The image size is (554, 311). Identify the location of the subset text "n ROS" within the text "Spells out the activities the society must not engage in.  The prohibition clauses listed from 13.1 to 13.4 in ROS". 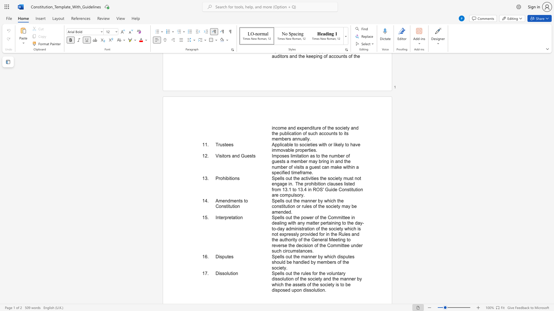
(308, 189).